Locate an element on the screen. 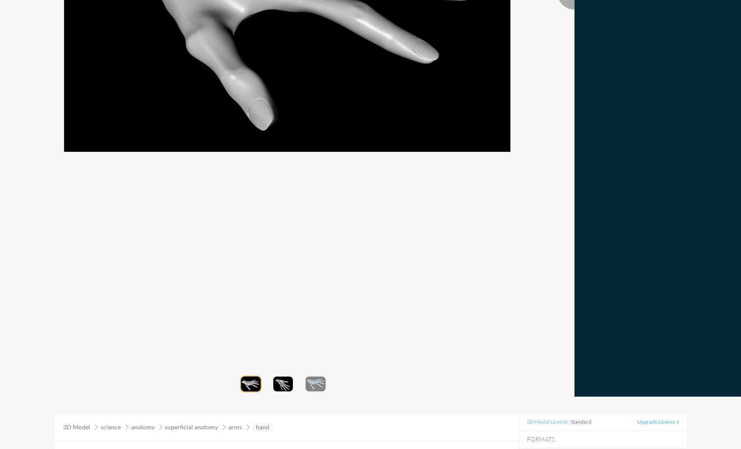  ':' is located at coordinates (569, 421).